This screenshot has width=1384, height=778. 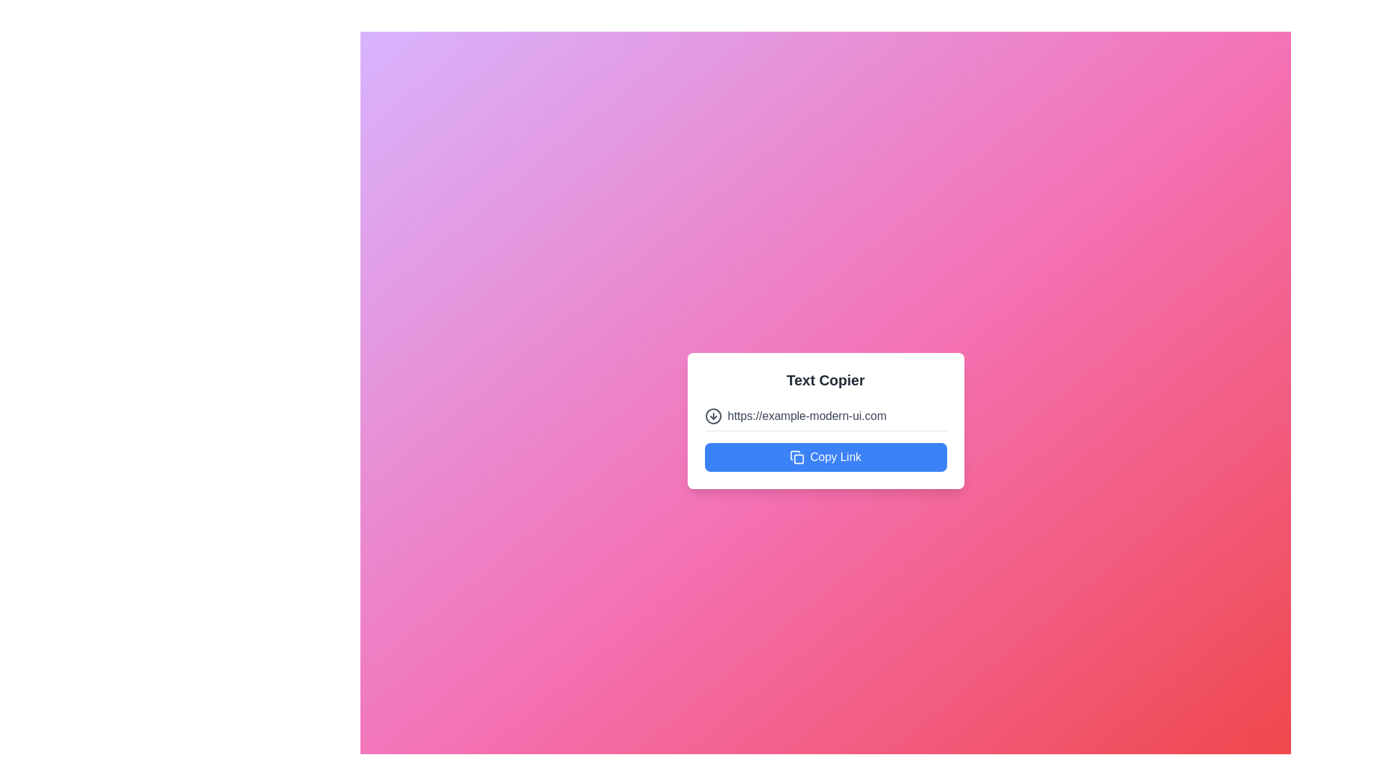 I want to click on the minimalist circular icon with a downward-pointing arrow, located to the far left of the horizontal arrangement, adjacent to the URL text field, so click(x=713, y=416).